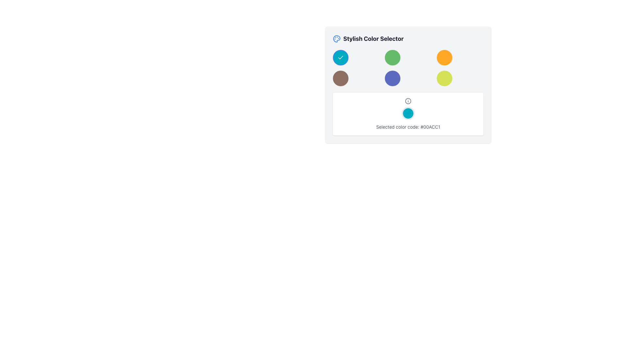 The width and height of the screenshot is (623, 350). Describe the element at coordinates (336, 39) in the screenshot. I see `the decorative icon representing the Stylish Color Selector, which is the first element in the group located at the top of the interface` at that location.